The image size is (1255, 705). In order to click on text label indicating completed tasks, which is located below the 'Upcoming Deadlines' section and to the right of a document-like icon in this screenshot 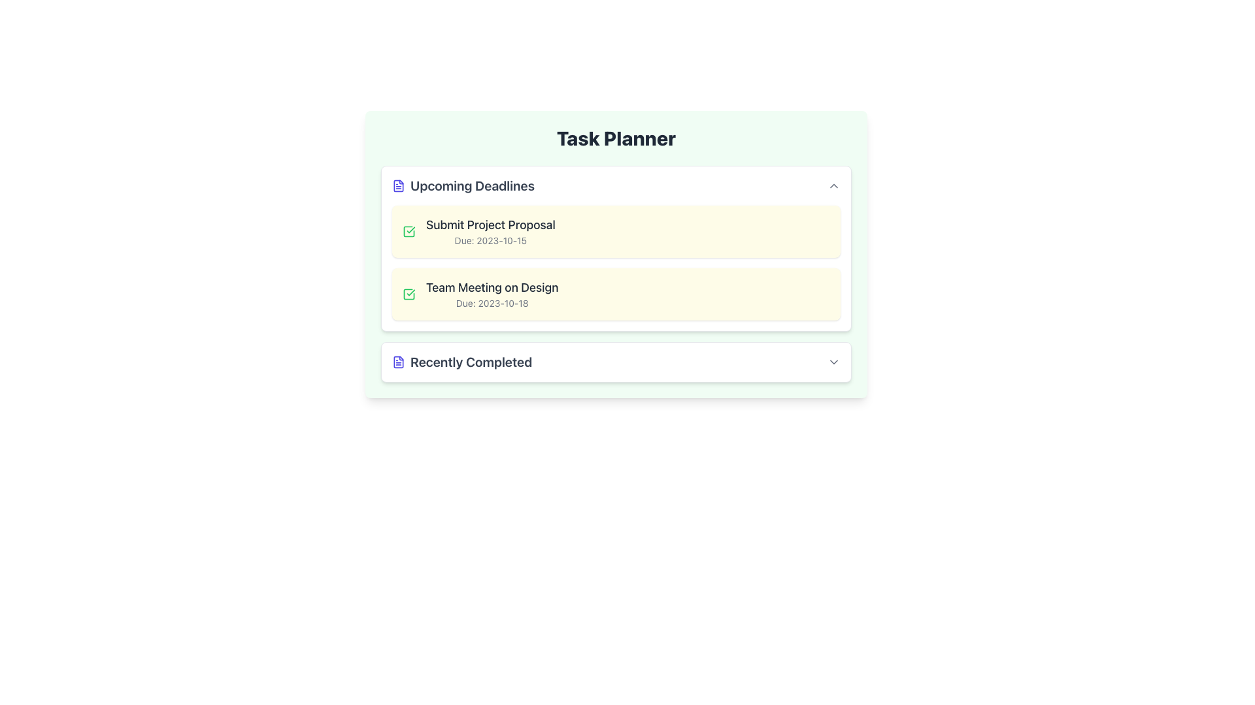, I will do `click(471, 362)`.